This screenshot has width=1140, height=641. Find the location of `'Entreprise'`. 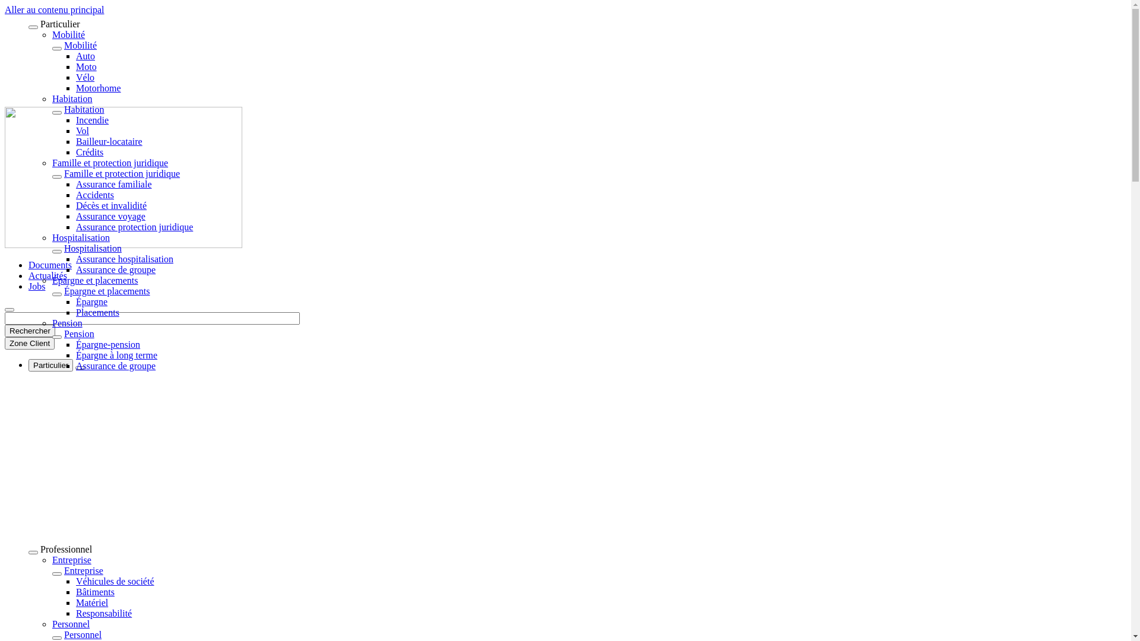

'Entreprise' is located at coordinates (51, 560).